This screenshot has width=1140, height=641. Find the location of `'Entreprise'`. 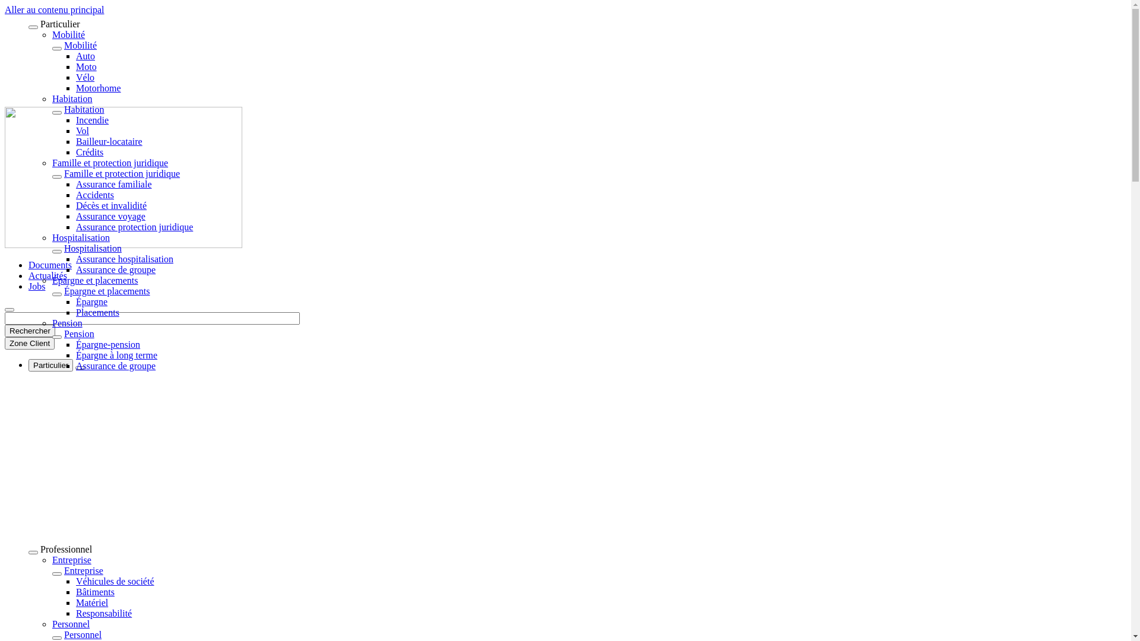

'Entreprise' is located at coordinates (51, 560).